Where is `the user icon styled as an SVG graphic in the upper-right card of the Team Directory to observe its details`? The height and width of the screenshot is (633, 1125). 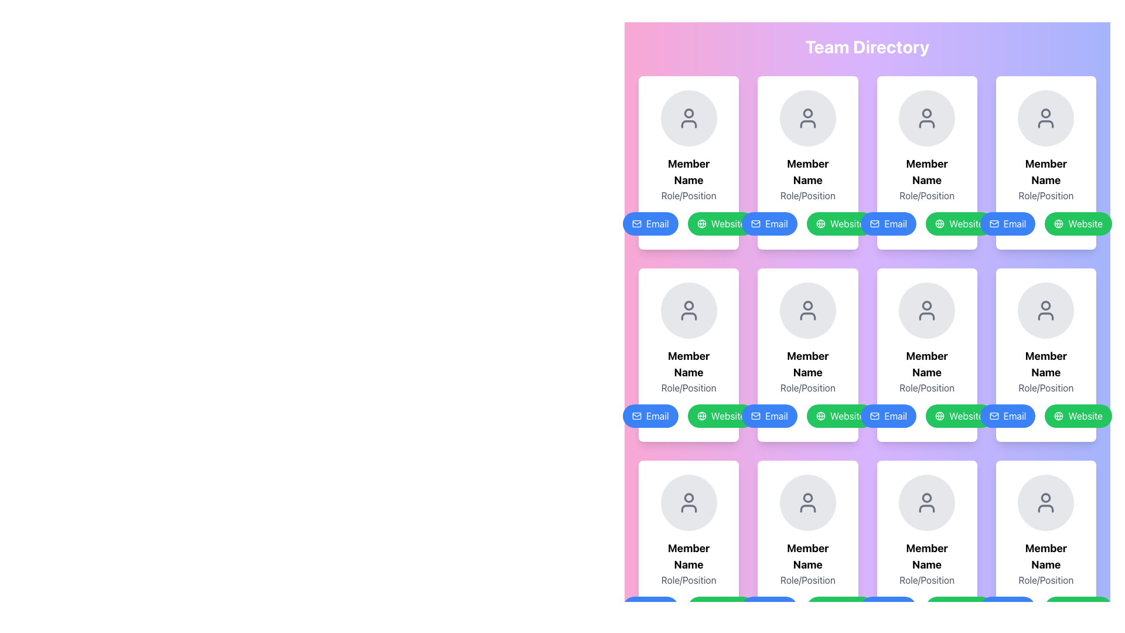
the user icon styled as an SVG graphic in the upper-right card of the Team Directory to observe its details is located at coordinates (1046, 118).